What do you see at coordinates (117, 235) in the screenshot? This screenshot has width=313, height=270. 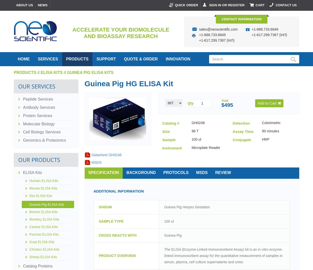 I see `'CROSS REACTS WITH'` at bounding box center [117, 235].